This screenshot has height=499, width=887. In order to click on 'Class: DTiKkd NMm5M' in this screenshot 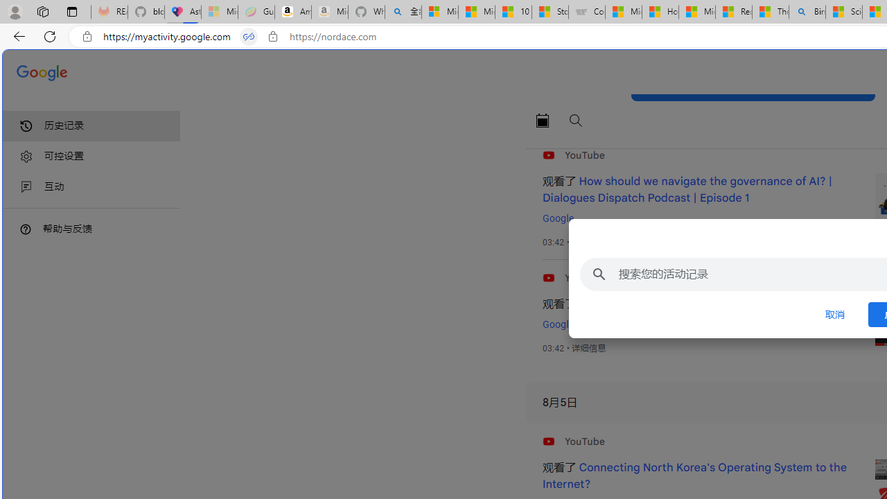, I will do `click(26, 228)`.